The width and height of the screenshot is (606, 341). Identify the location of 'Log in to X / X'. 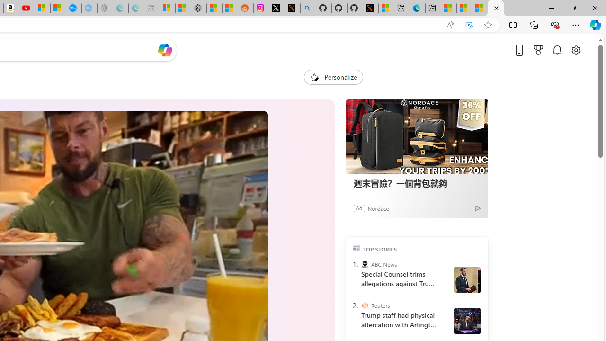
(276, 8).